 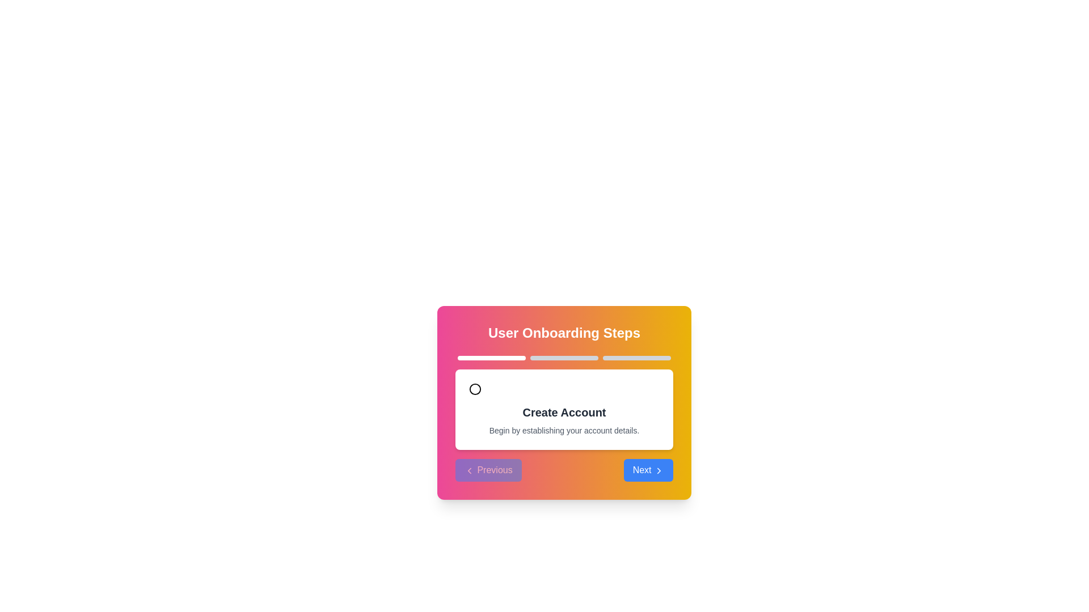 What do you see at coordinates (659, 470) in the screenshot?
I see `the rightward-pointing chevron icon located within the 'Next' button at the bottom-right corner of the card-like interface` at bounding box center [659, 470].